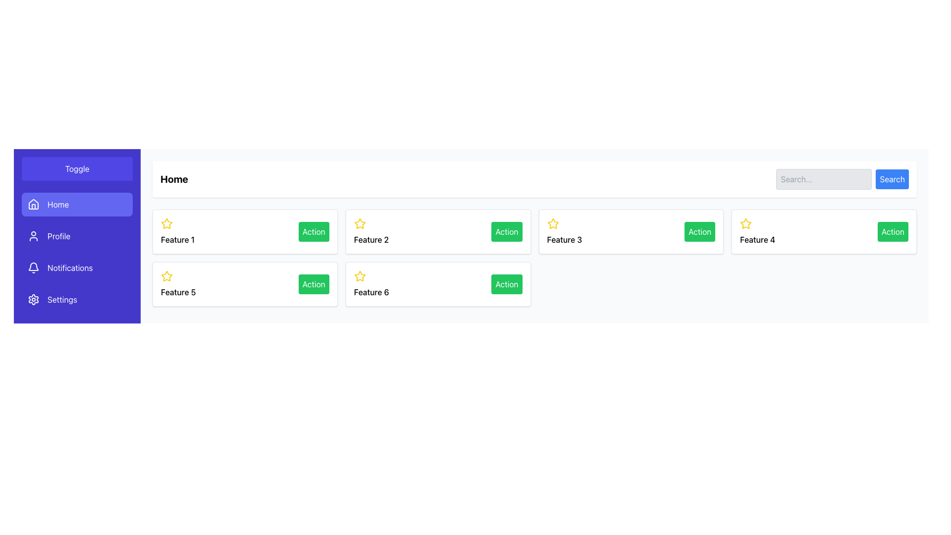 This screenshot has height=535, width=951. I want to click on the 'Settings' button, which is the fourth button in the vertical menu on the left side of the interface, positioned below 'Notifications', so click(77, 299).